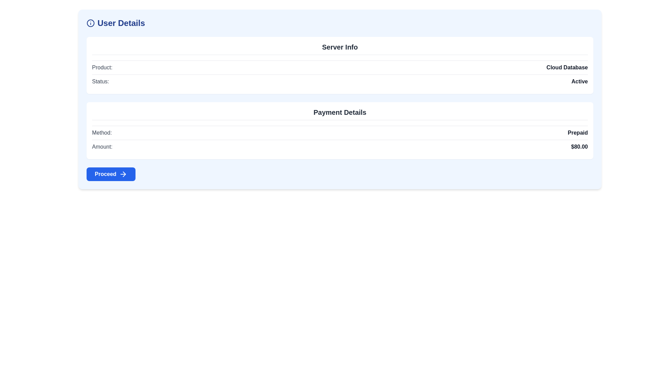  What do you see at coordinates (102, 146) in the screenshot?
I see `the text label displaying 'Amount:' which is styled in medium-weight gray font and is located in the 'Payment Details' section of the interface` at bounding box center [102, 146].